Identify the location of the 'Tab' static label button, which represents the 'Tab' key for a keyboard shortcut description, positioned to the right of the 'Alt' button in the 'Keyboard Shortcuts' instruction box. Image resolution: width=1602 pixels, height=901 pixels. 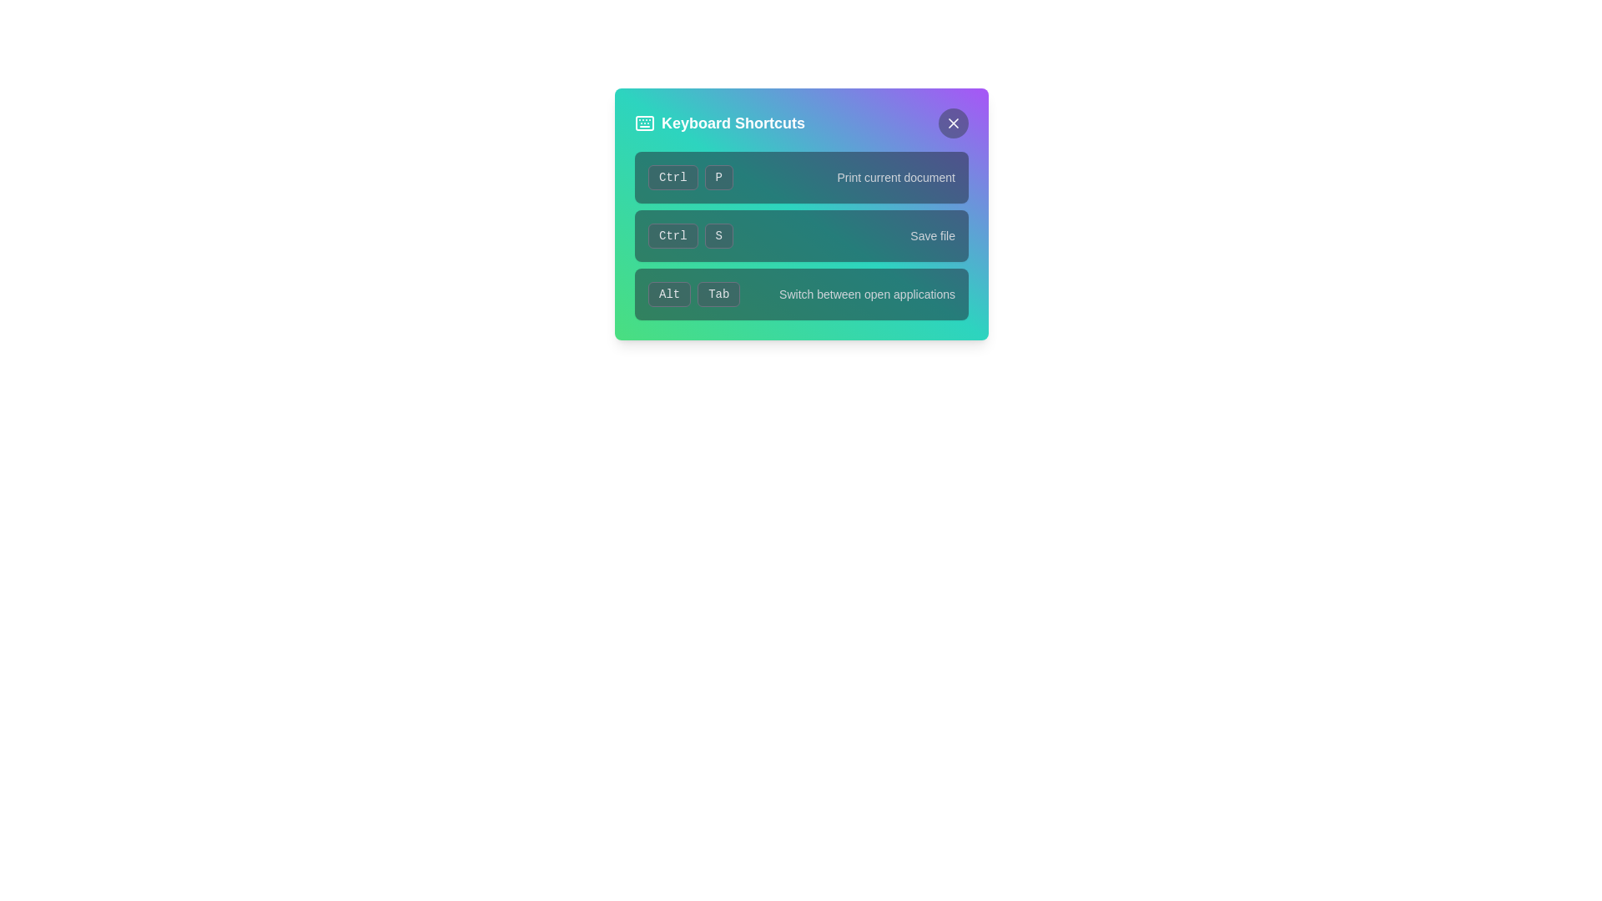
(718, 294).